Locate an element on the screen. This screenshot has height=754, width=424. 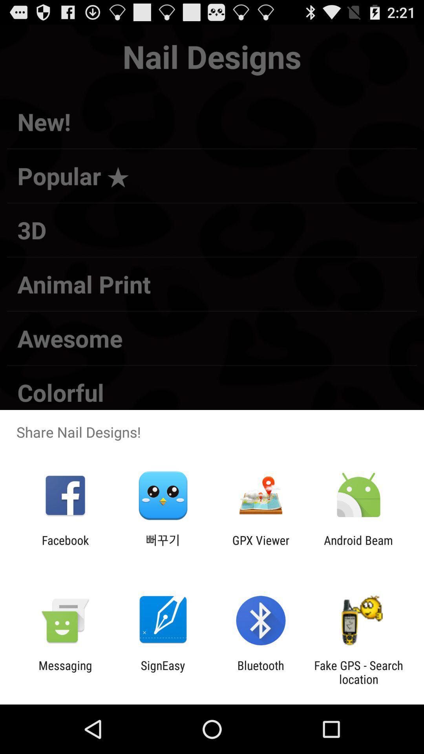
the icon to the left of the signeasy is located at coordinates (65, 672).